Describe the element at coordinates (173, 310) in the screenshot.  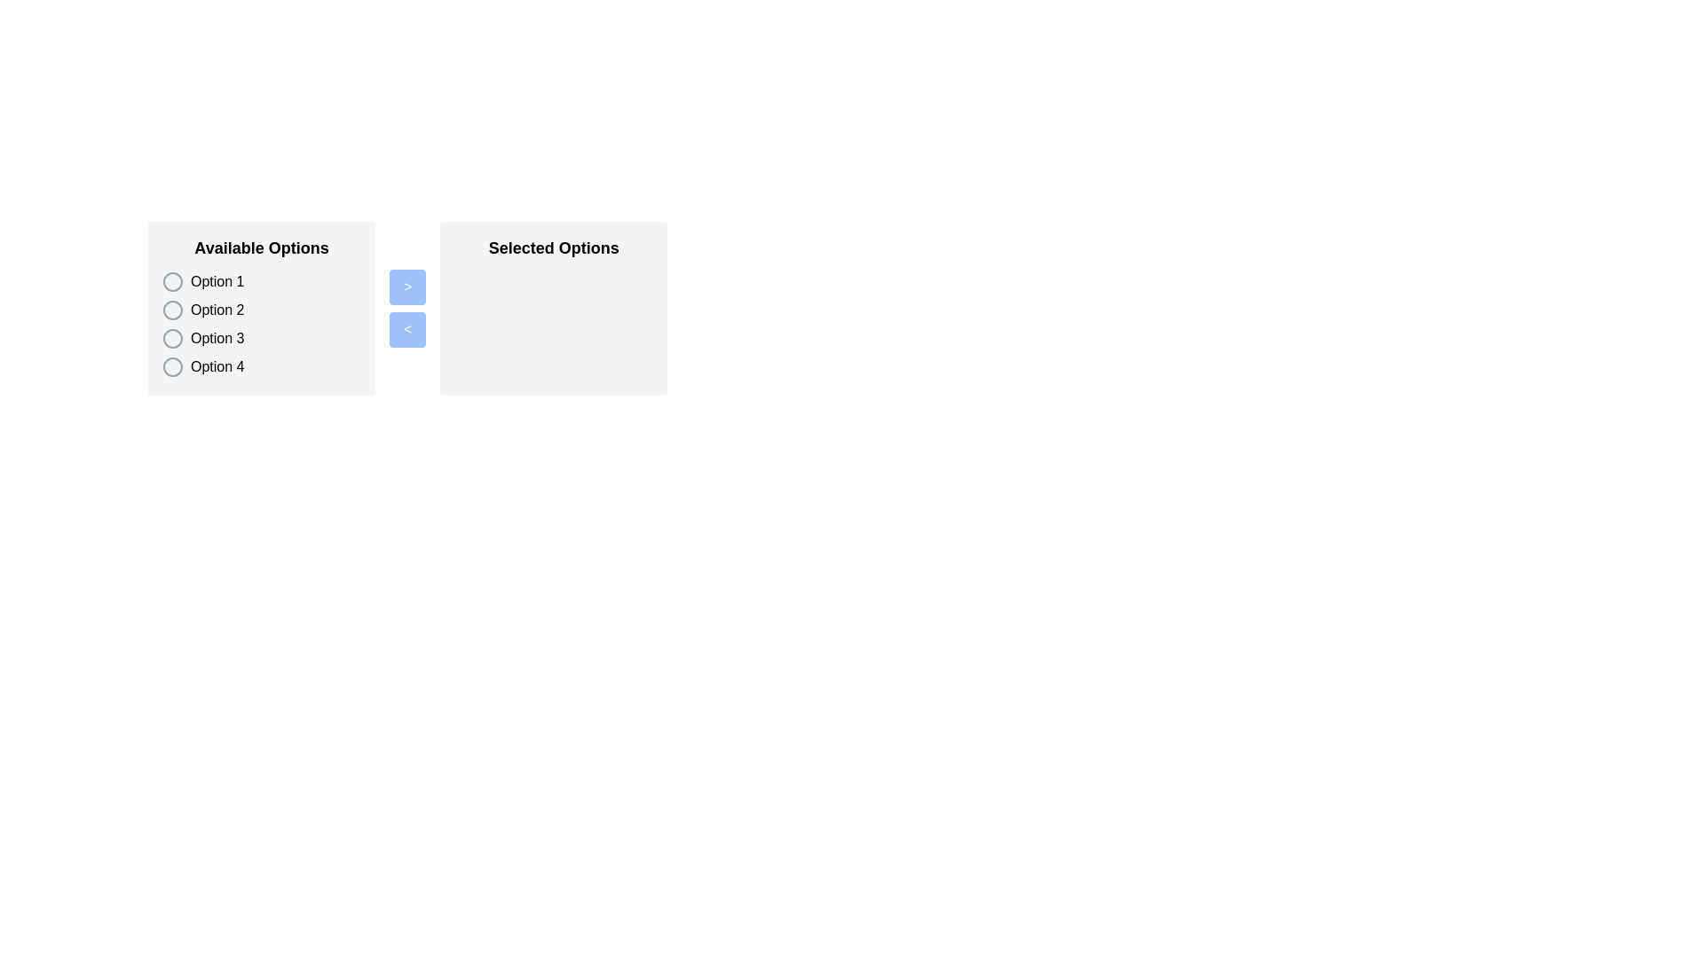
I see `the radio button for 'Option 2' located in the 'Available Options' section, which is the second radio button in a vertical list` at that location.